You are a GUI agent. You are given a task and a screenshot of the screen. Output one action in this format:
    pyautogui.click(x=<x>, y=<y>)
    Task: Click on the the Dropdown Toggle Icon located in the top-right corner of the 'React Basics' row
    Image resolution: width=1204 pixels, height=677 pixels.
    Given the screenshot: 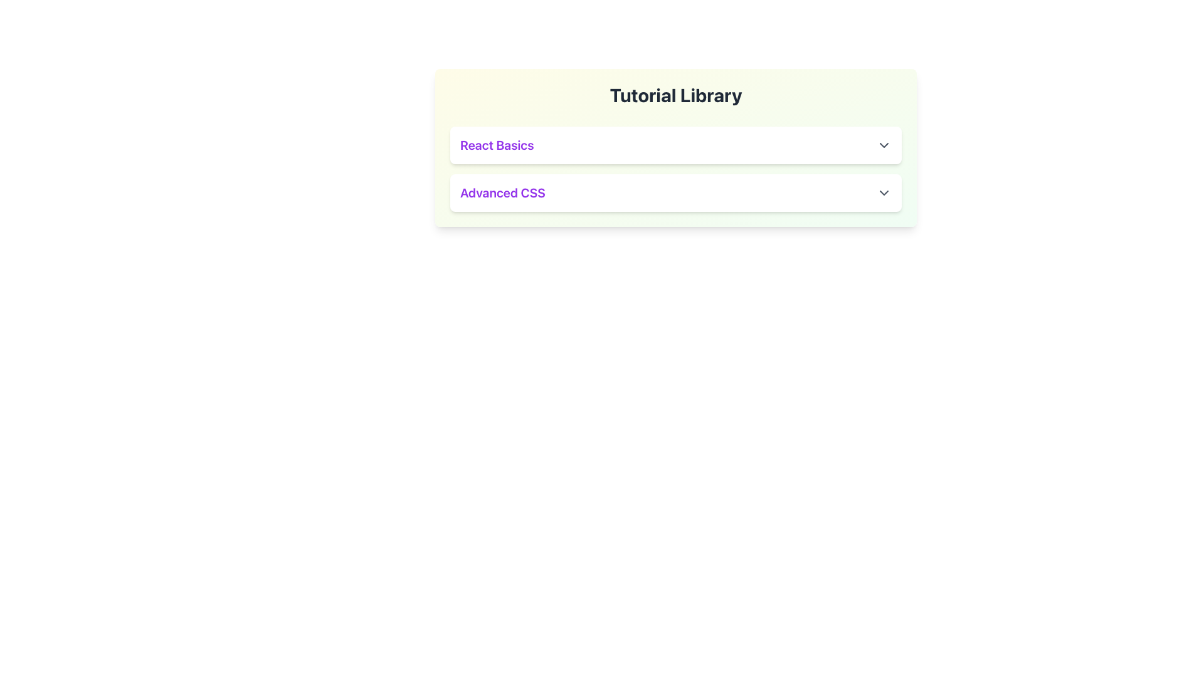 What is the action you would take?
    pyautogui.click(x=884, y=144)
    